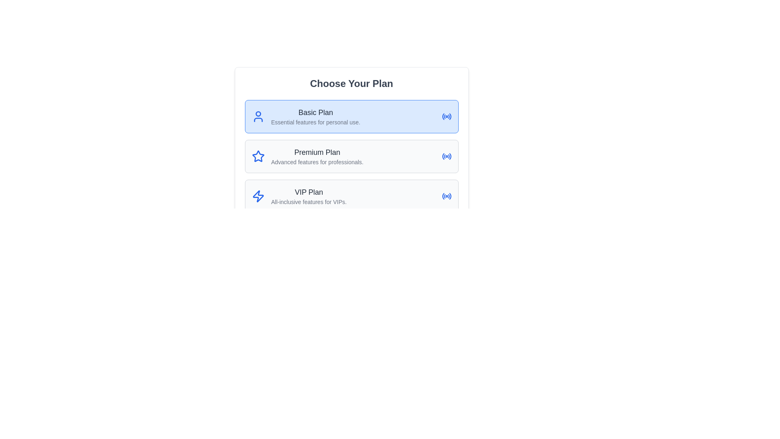 This screenshot has height=439, width=780. Describe the element at coordinates (315, 116) in the screenshot. I see `the label displaying 'Basic Plan' in the first selection card of the 'Choose Your Plan' interface, which is styled with a bold font on a light blue background` at that location.